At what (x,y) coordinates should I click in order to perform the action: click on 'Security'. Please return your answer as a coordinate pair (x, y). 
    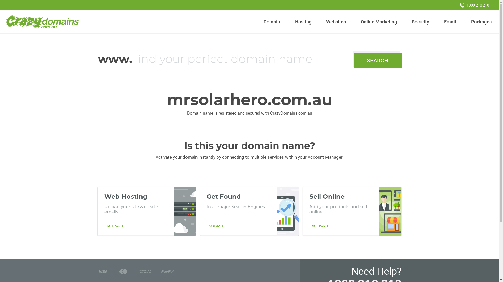
    Looking at the image, I should click on (420, 22).